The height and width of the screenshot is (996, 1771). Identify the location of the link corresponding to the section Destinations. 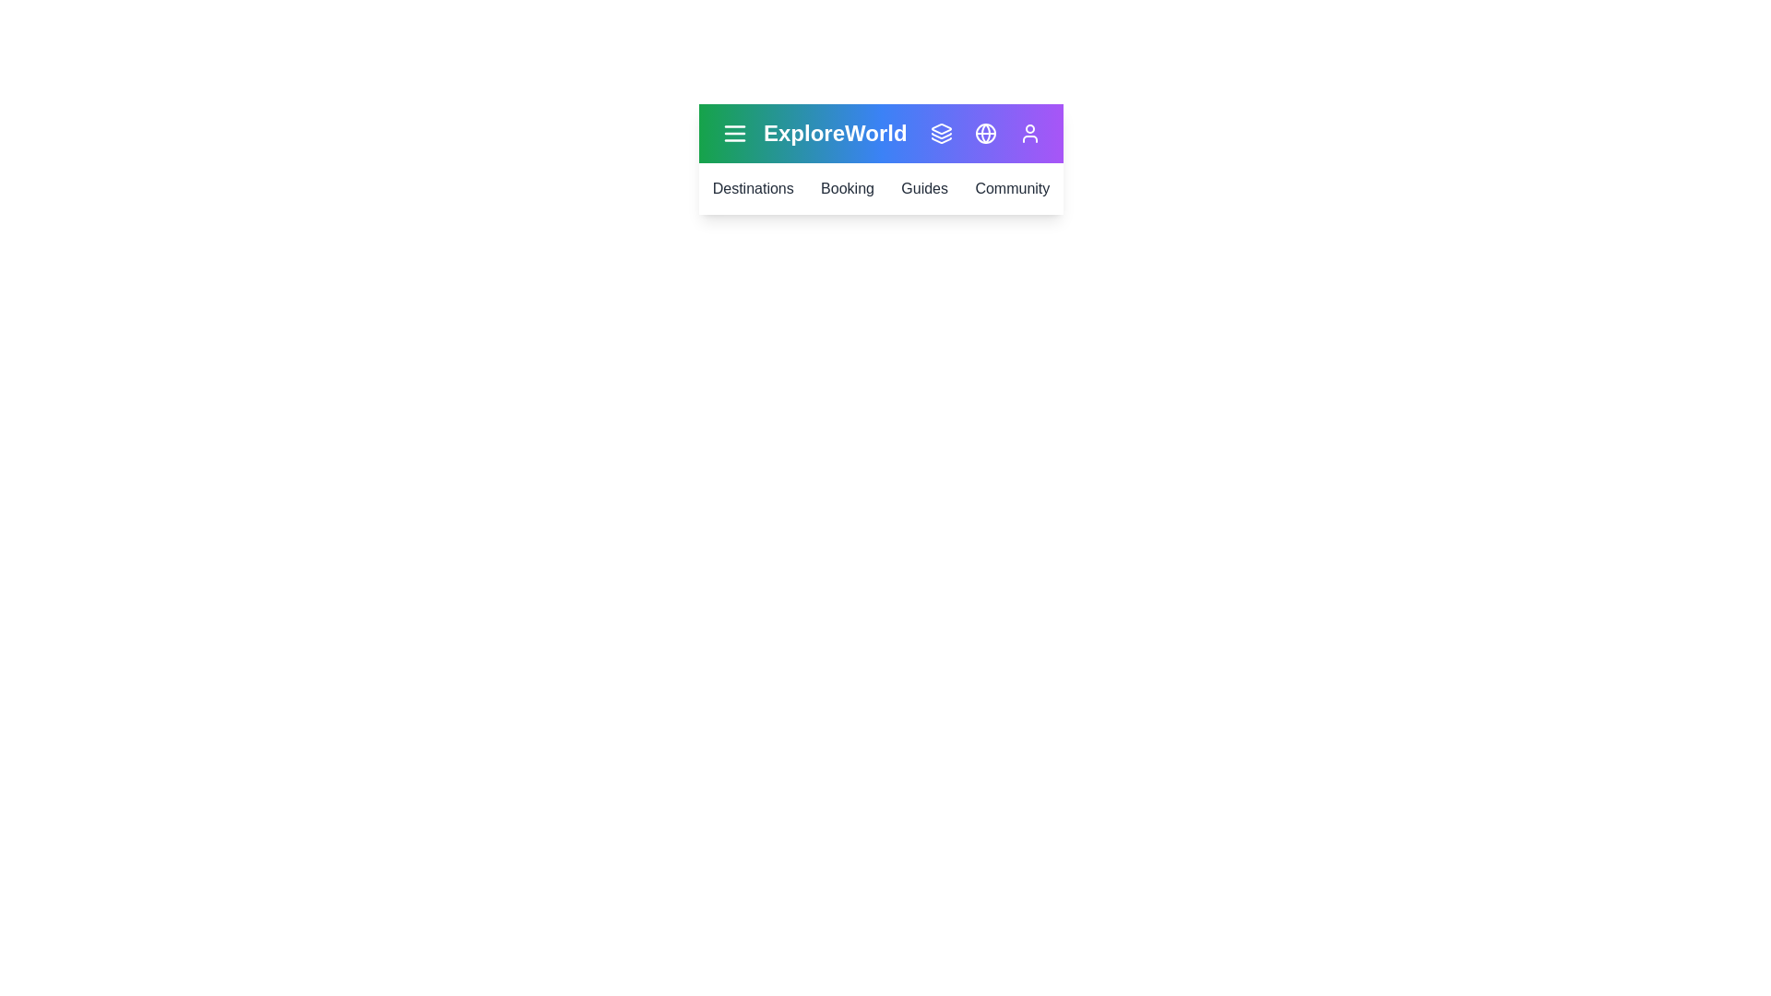
(753, 188).